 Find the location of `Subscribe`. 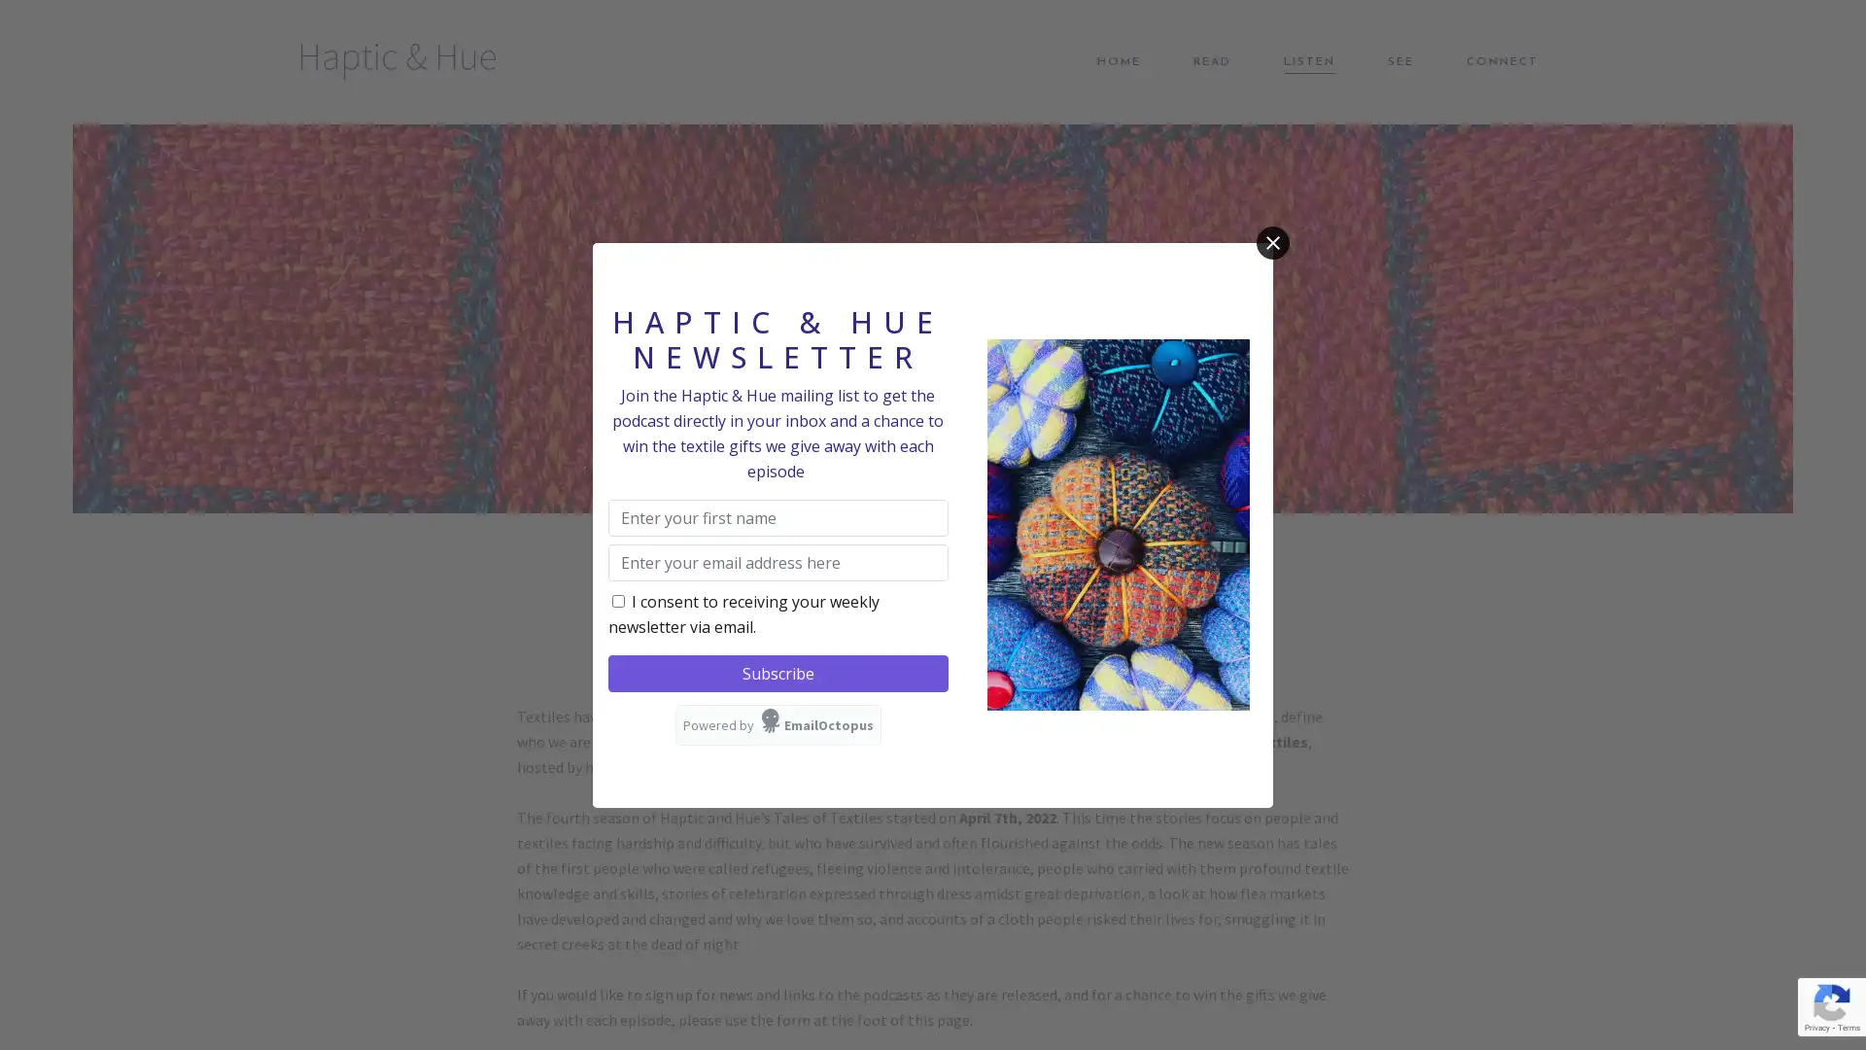

Subscribe is located at coordinates (777, 671).